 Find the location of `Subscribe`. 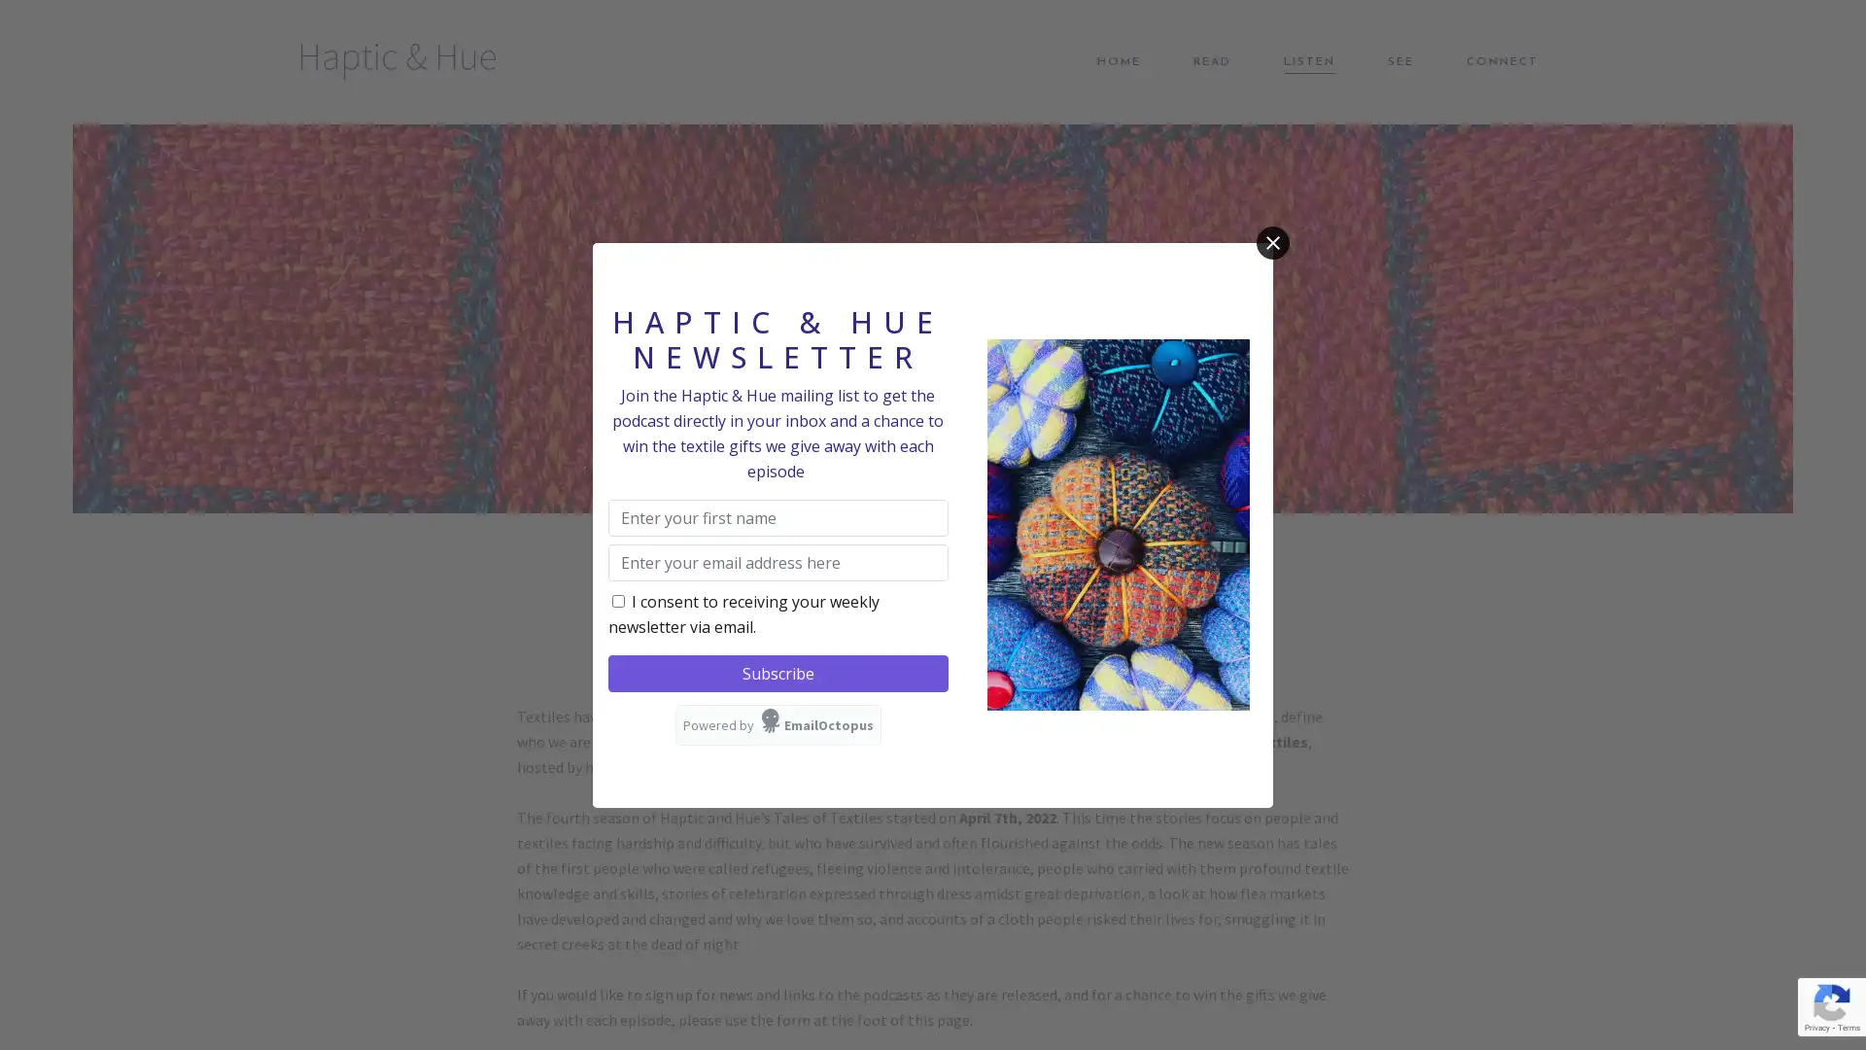

Subscribe is located at coordinates (777, 671).